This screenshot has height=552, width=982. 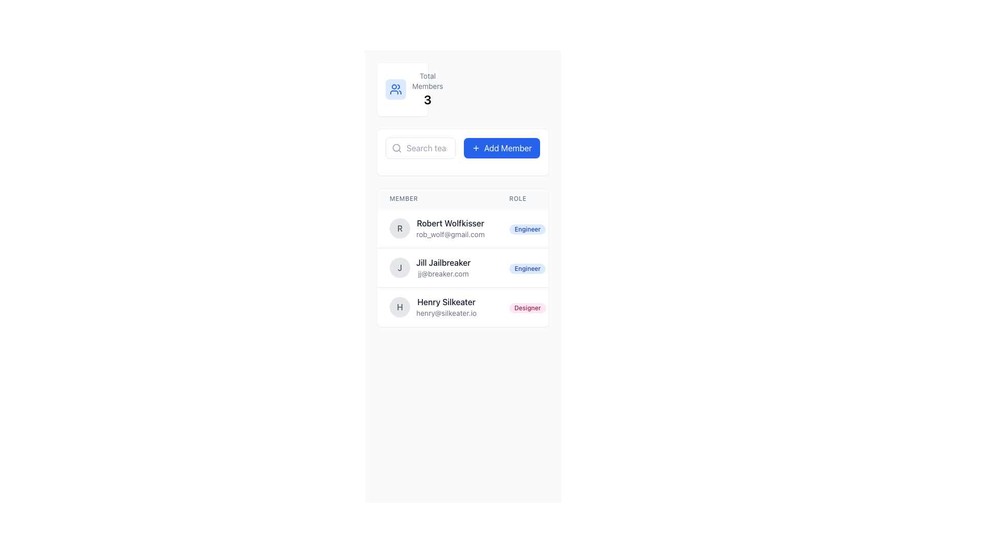 I want to click on the email text displaying 'rob_wolf@gmail.com' located beneath the name 'Robert Wolfkisser' in the members list, so click(x=450, y=235).